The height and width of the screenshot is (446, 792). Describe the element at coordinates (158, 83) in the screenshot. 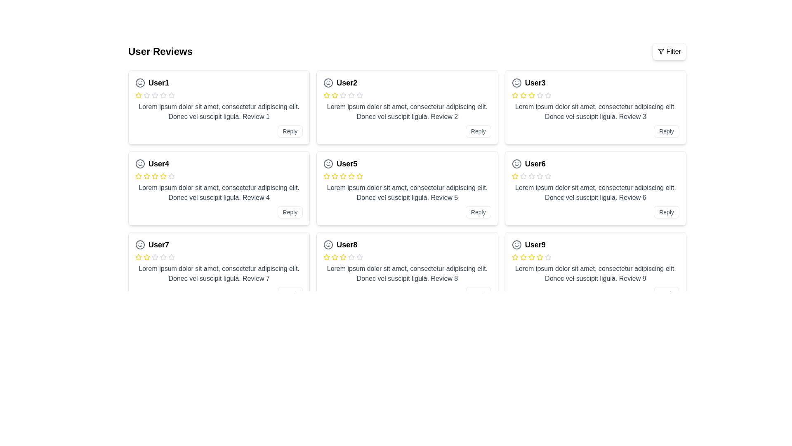

I see `the 'User1' text label, which is the first user name under the 'User Reviews' section in the top-left corner of the grid layout` at that location.